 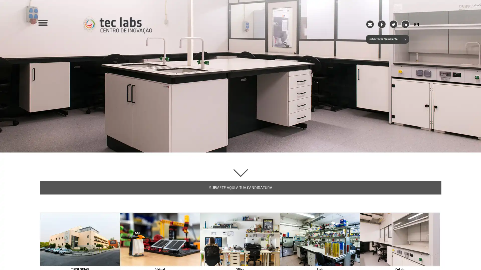 What do you see at coordinates (241, 188) in the screenshot?
I see `SUBMETE AQUI A TUA CANDIDATURA` at bounding box center [241, 188].